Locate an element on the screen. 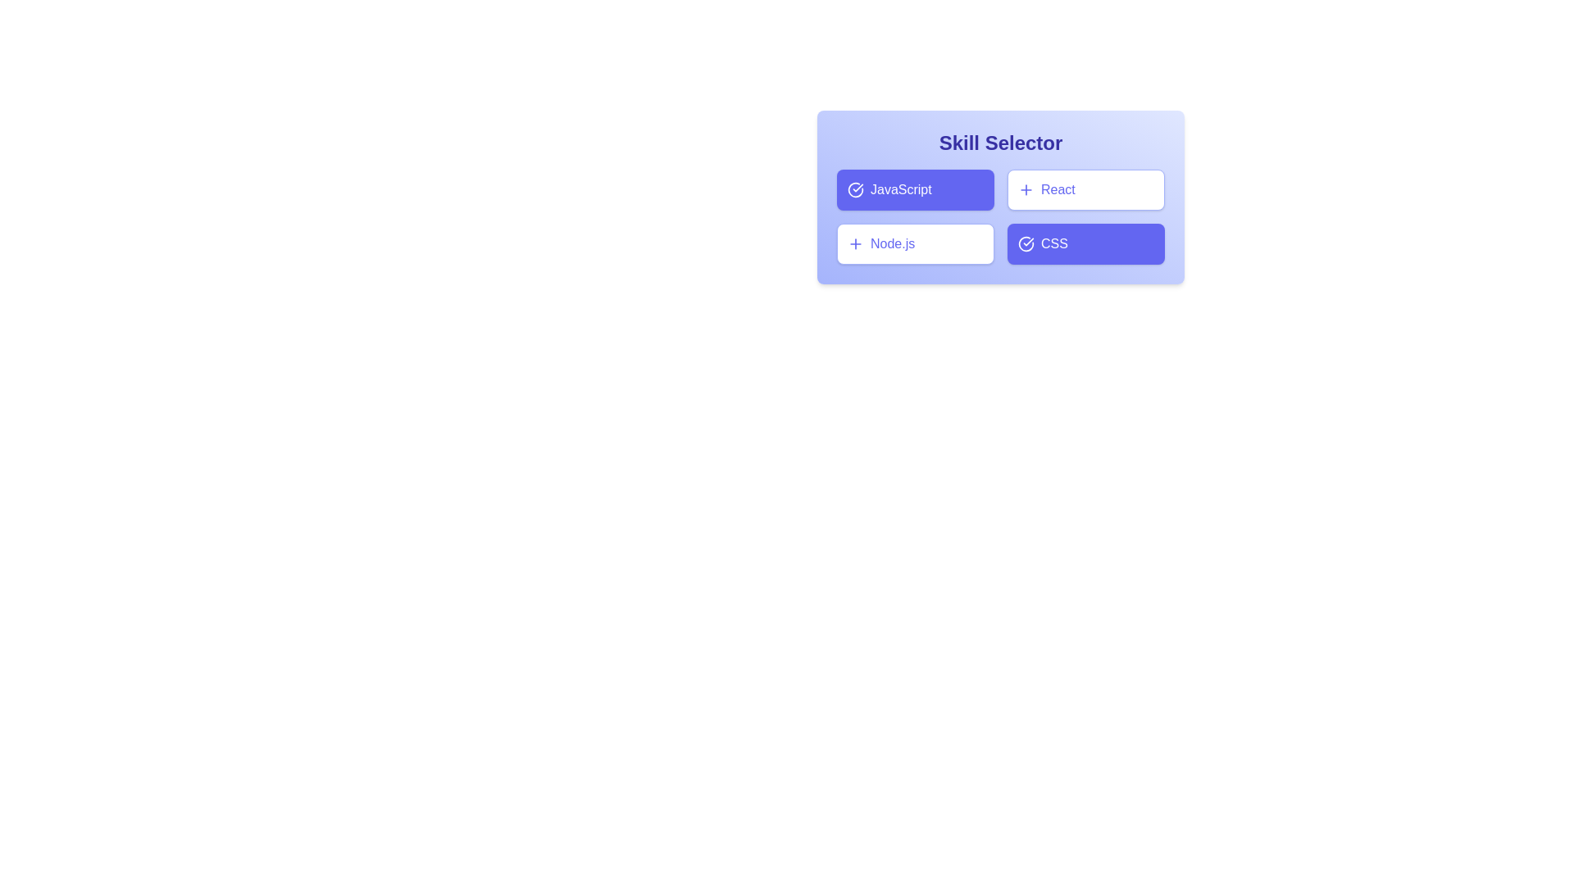 The image size is (1574, 885). the skill CSS is located at coordinates (1085, 243).